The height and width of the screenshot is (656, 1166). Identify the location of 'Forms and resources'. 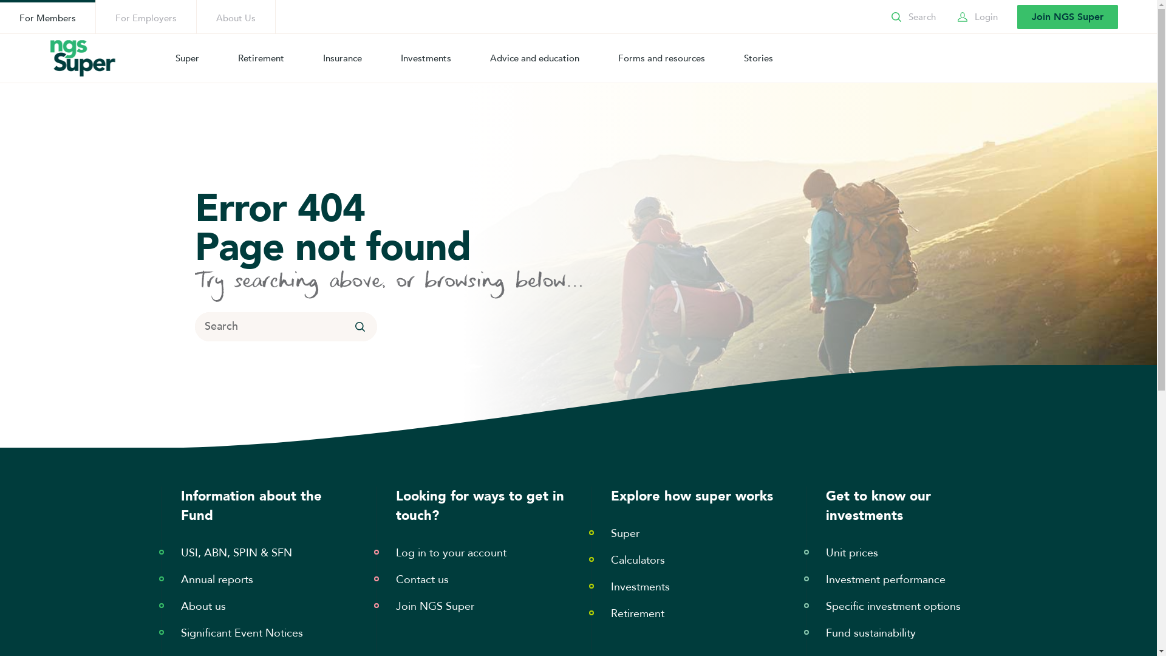
(661, 58).